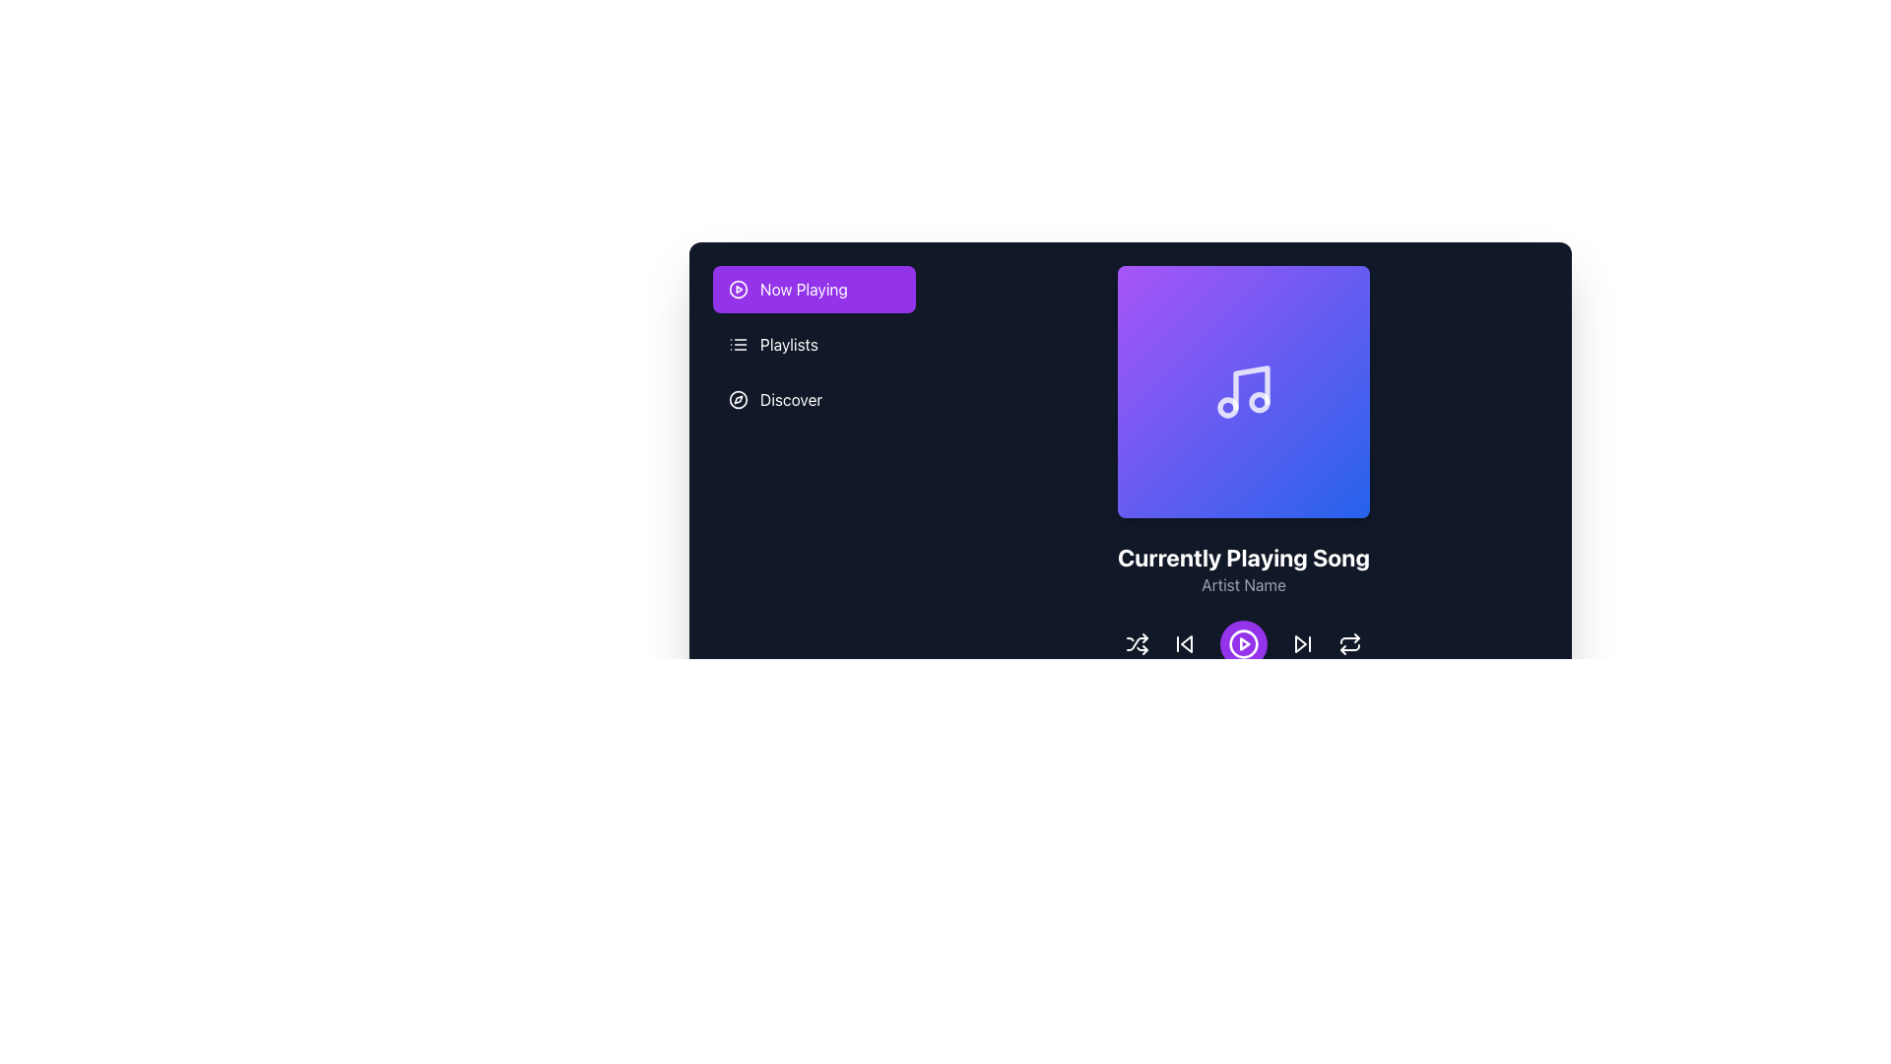  I want to click on the third circle of the music note icon, which visually represents the 'currently playing' feature, so click(1258, 401).